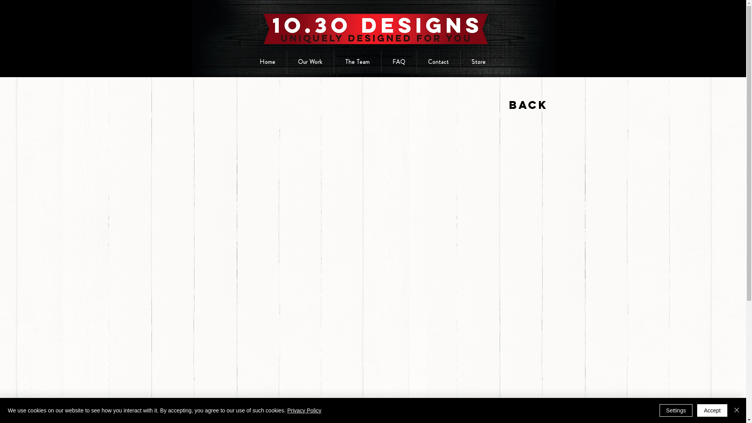 The image size is (752, 423). Describe the element at coordinates (416, 61) in the screenshot. I see `'Contact'` at that location.